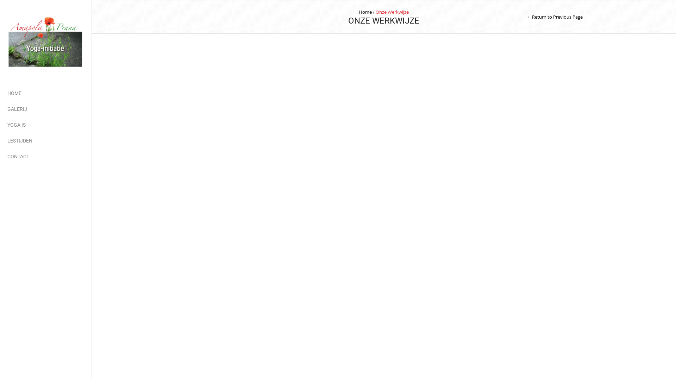 The width and height of the screenshot is (676, 380). Describe the element at coordinates (17, 125) in the screenshot. I see `'YOGA IS'` at that location.